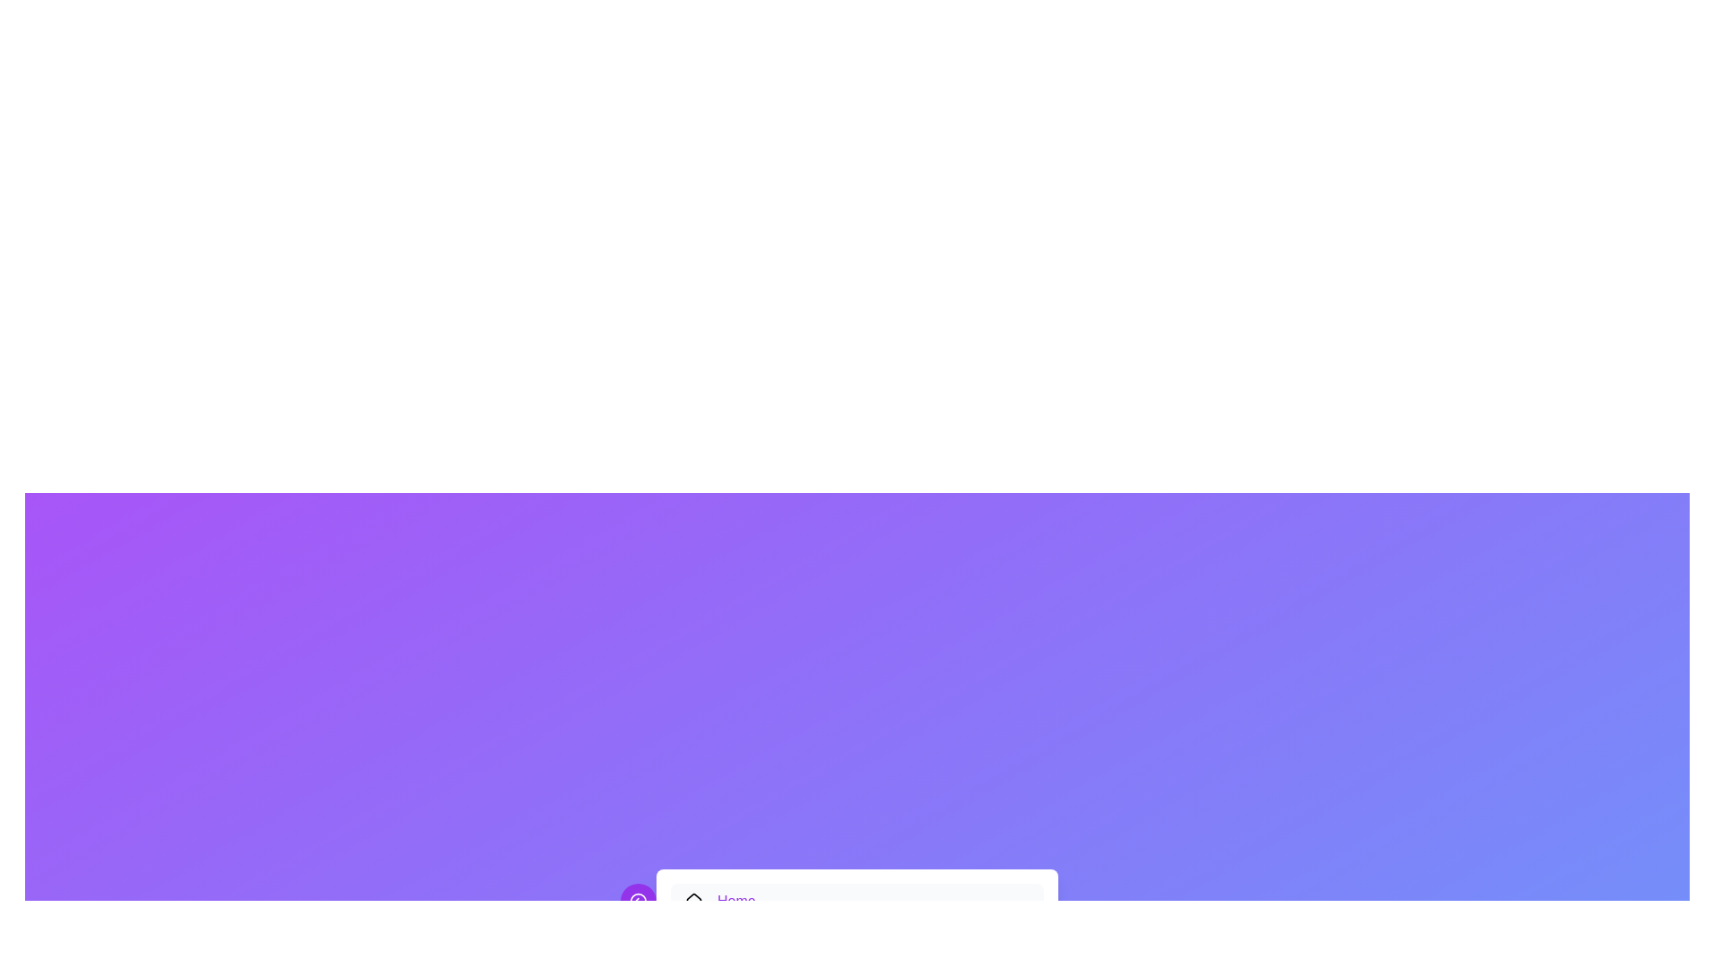  Describe the element at coordinates (692, 902) in the screenshot. I see `the decorative icon for the Home menu item` at that location.